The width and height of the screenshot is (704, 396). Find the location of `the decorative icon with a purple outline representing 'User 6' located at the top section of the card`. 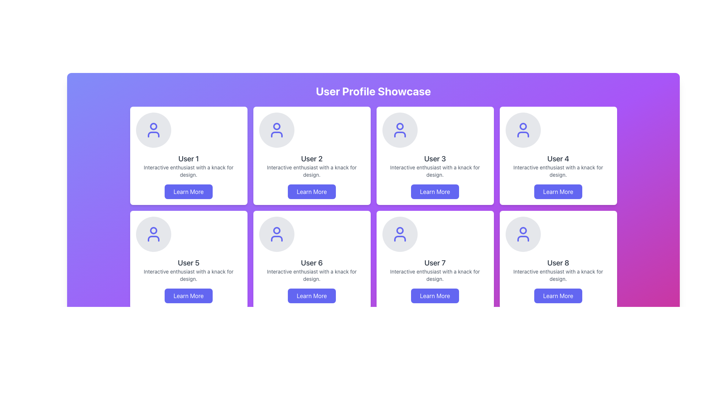

the decorative icon with a purple outline representing 'User 6' located at the top section of the card is located at coordinates (276, 234).